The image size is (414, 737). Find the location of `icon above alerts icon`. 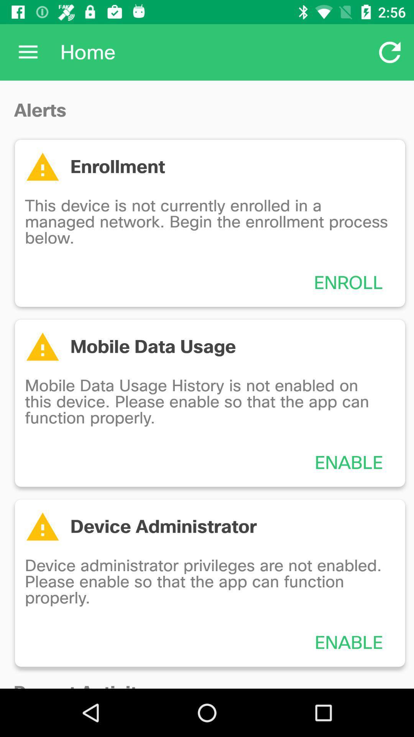

icon above alerts icon is located at coordinates (28, 52).